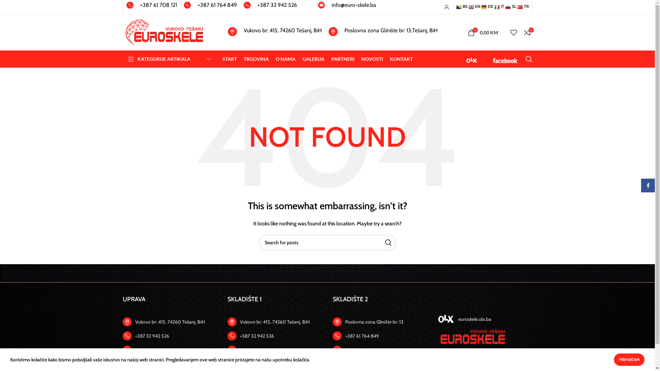 The width and height of the screenshot is (660, 371). What do you see at coordinates (522, 6) in the screenshot?
I see `'TR'` at bounding box center [522, 6].